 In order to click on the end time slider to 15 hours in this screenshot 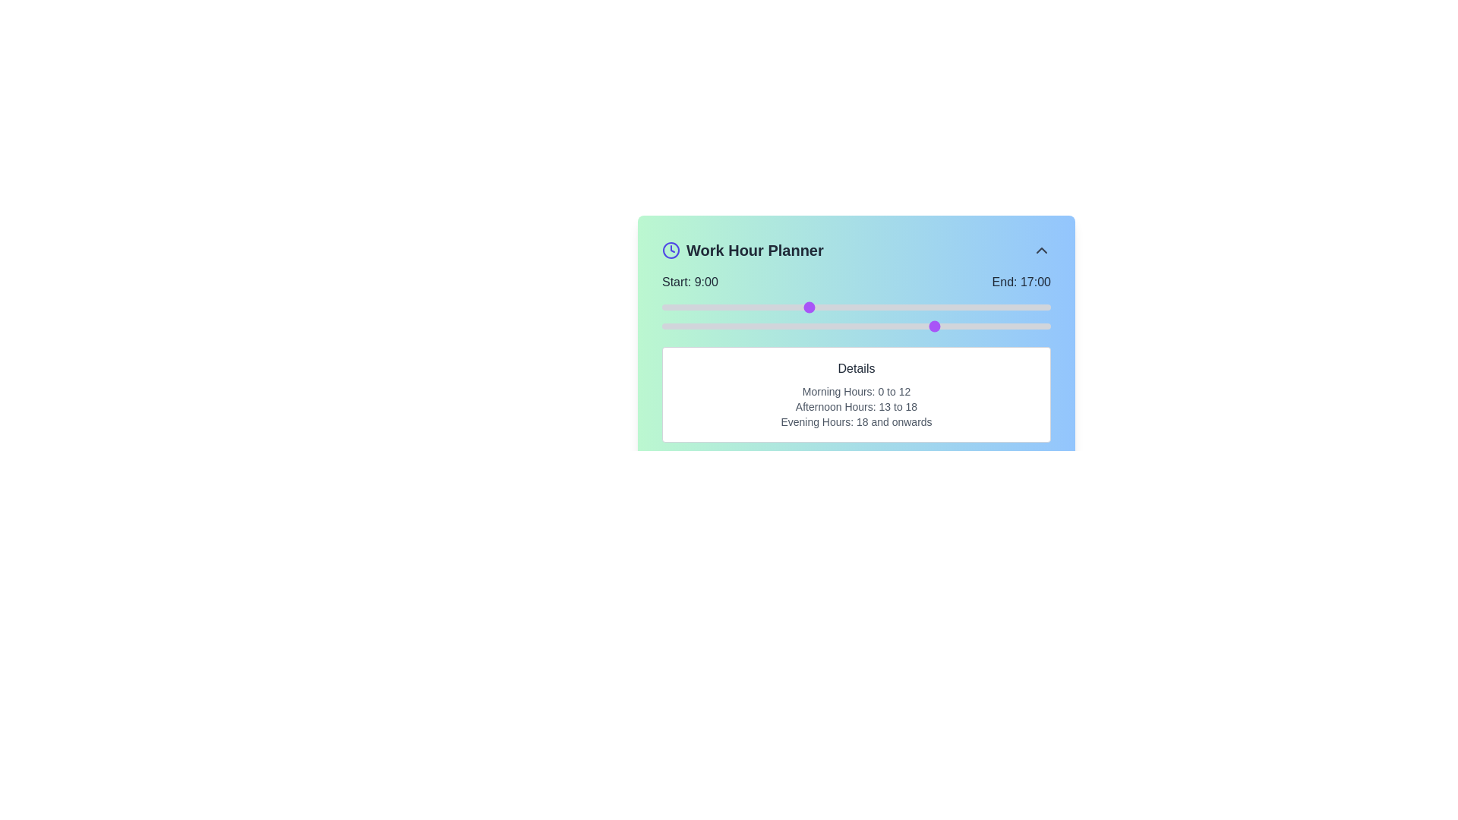, I will do `click(904, 325)`.